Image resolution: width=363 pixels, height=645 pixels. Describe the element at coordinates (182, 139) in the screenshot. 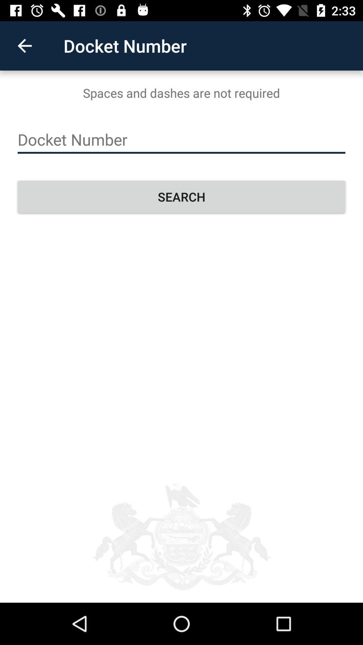

I see `docket number` at that location.